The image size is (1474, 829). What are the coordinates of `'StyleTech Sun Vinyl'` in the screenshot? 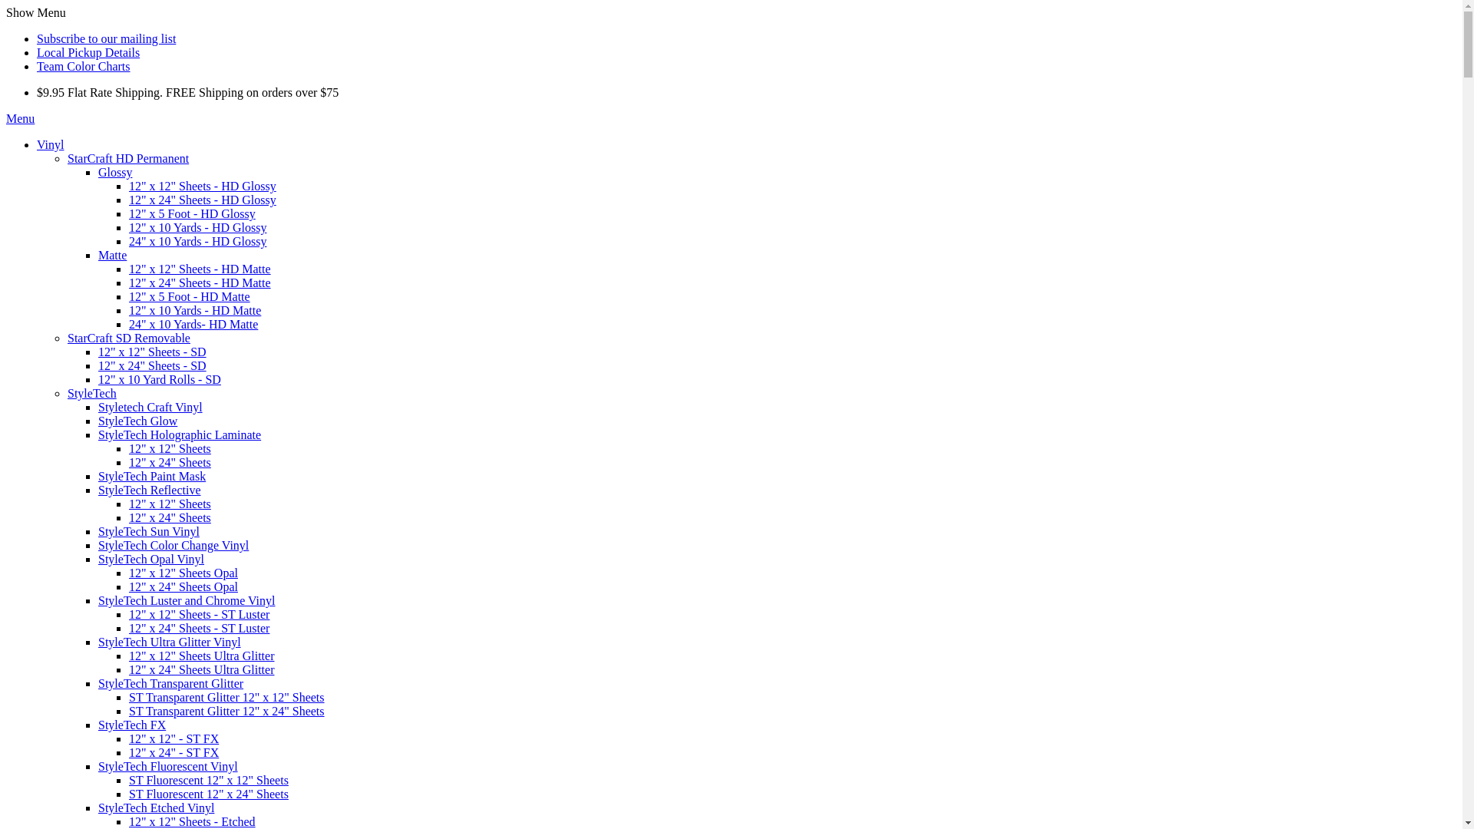 It's located at (148, 530).